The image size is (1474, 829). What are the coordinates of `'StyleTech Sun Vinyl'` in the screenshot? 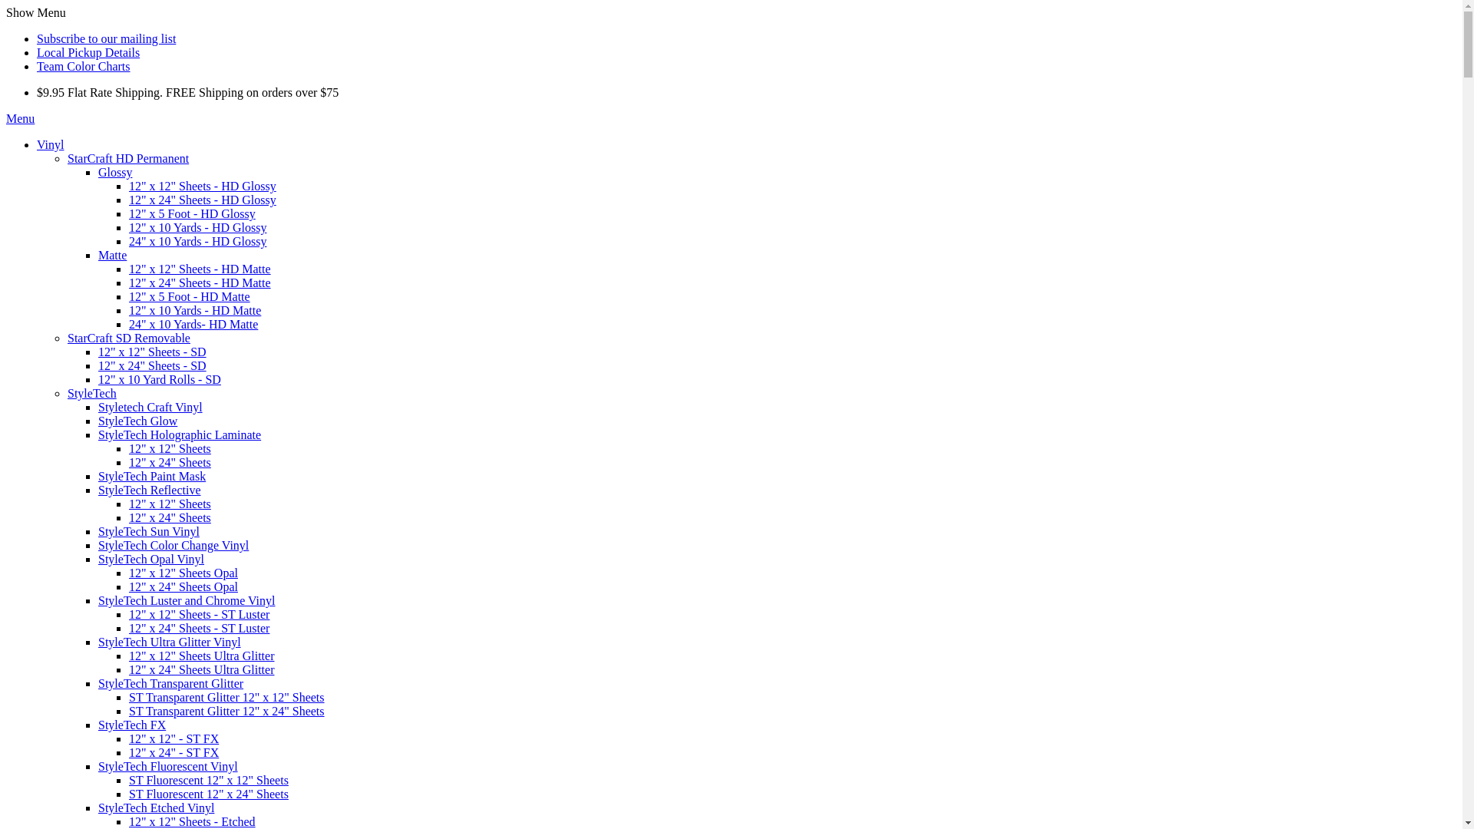 It's located at (148, 530).